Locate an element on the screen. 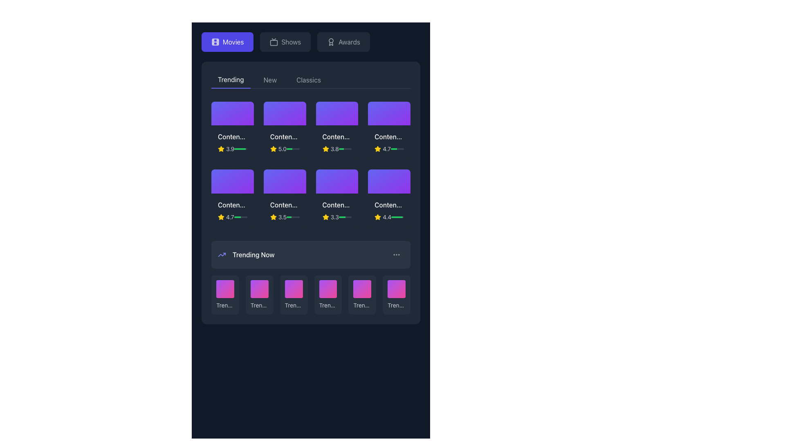 This screenshot has width=785, height=441. the small yellow star-shaped icon indicating a rating or favorite within the second row and third column of the 'Trending' content grid is located at coordinates (325, 216).